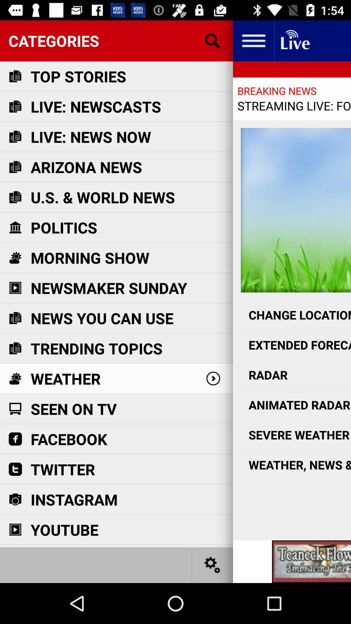 The width and height of the screenshot is (351, 624). I want to click on the news you can use icon, so click(15, 318).